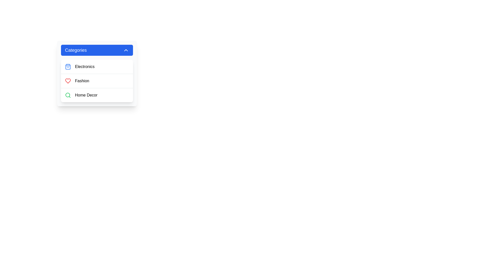 This screenshot has height=270, width=480. Describe the element at coordinates (97, 95) in the screenshot. I see `the 'Home Decor' list item, which is the third item in a vertical dropdown menu following 'Electronics' and 'Fashion'` at that location.